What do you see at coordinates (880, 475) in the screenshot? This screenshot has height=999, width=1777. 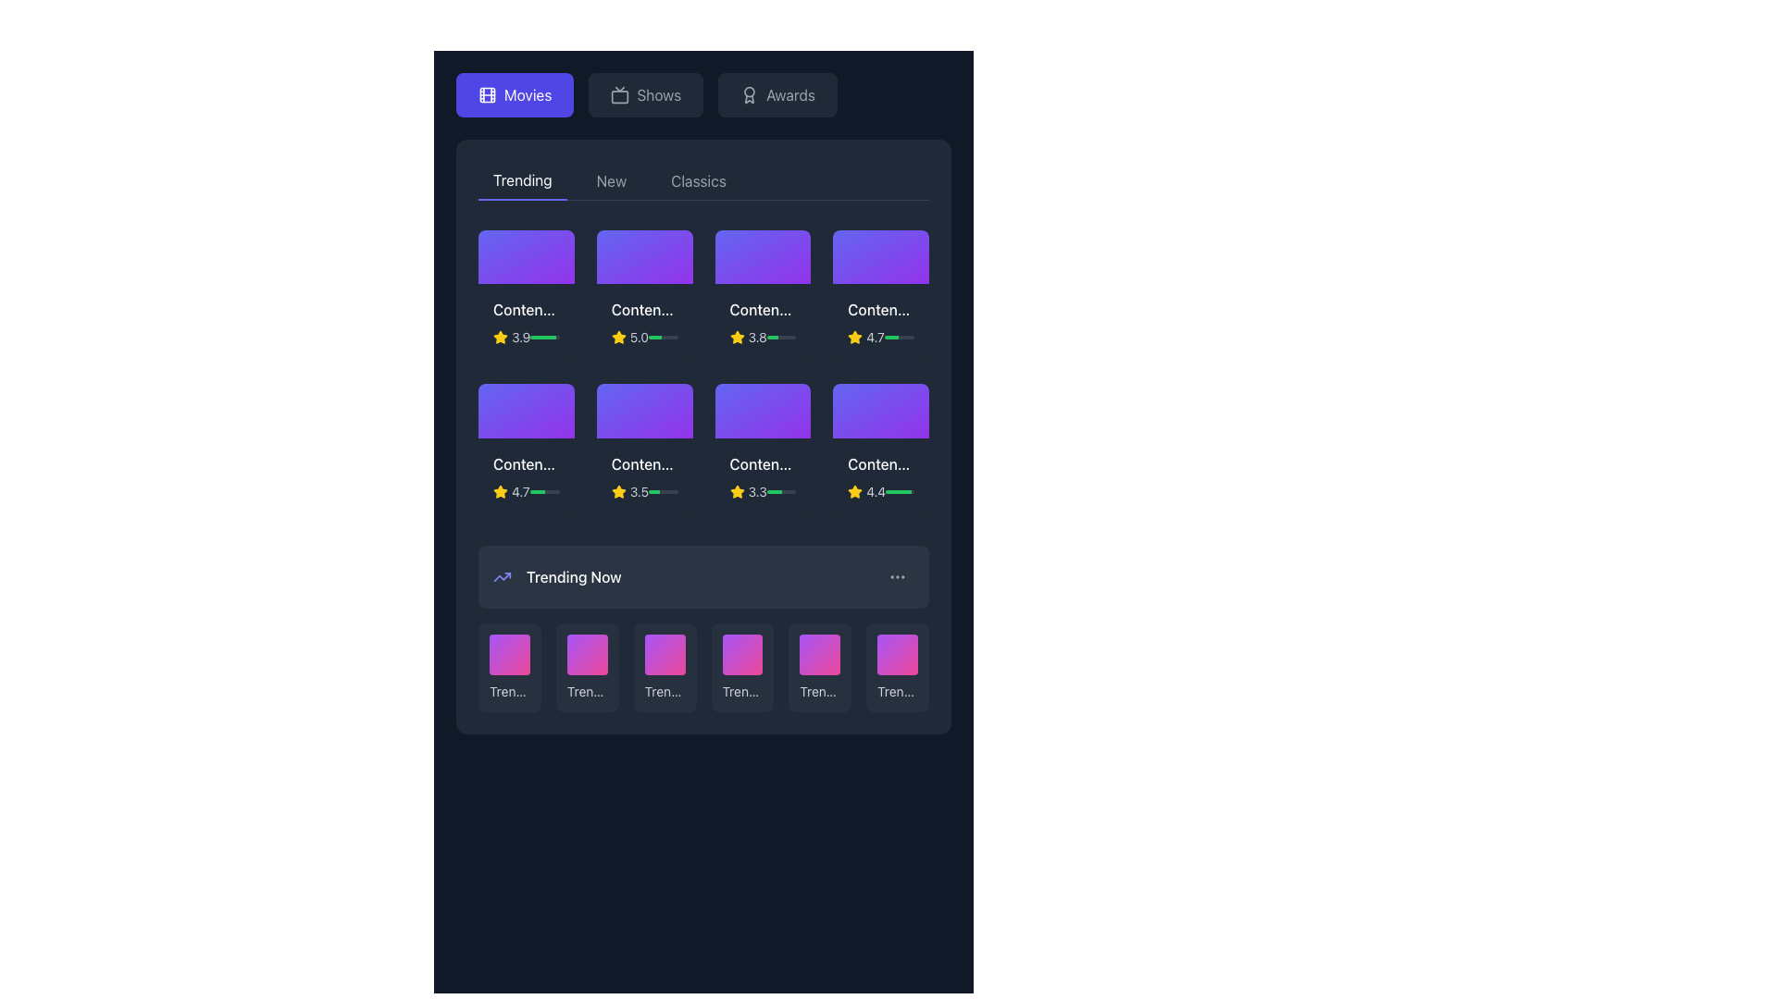 I see `the Informational card located in the third row, fourth column of the grid layout under the 'Trending' category` at bounding box center [880, 475].